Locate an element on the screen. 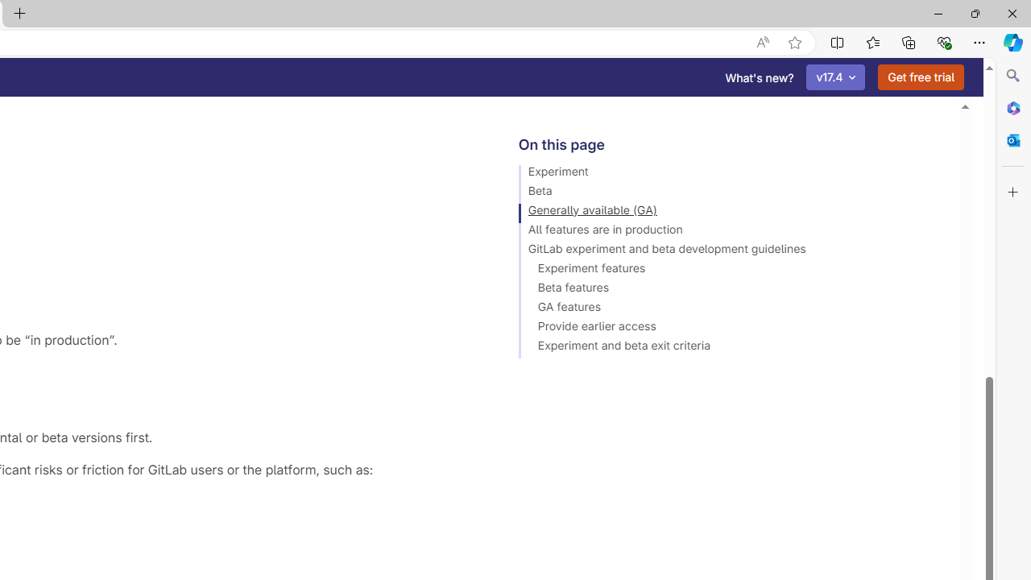 This screenshot has height=580, width=1031. 'What' is located at coordinates (759, 77).